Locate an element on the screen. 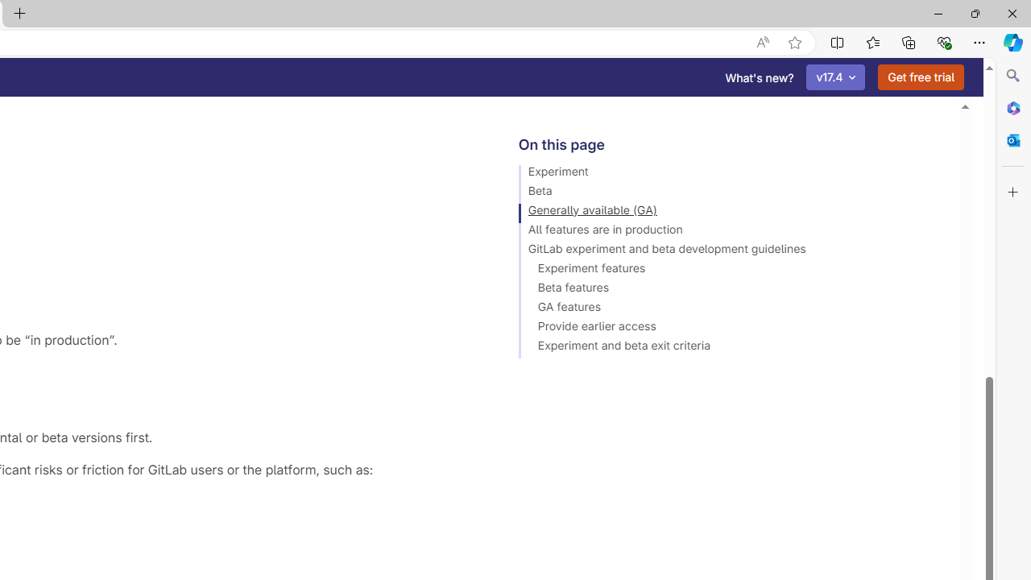 This screenshot has height=580, width=1031. 'What' is located at coordinates (759, 77).